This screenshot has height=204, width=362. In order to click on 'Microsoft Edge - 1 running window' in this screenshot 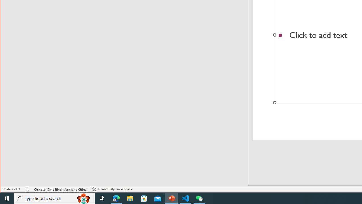, I will do `click(116, 198)`.